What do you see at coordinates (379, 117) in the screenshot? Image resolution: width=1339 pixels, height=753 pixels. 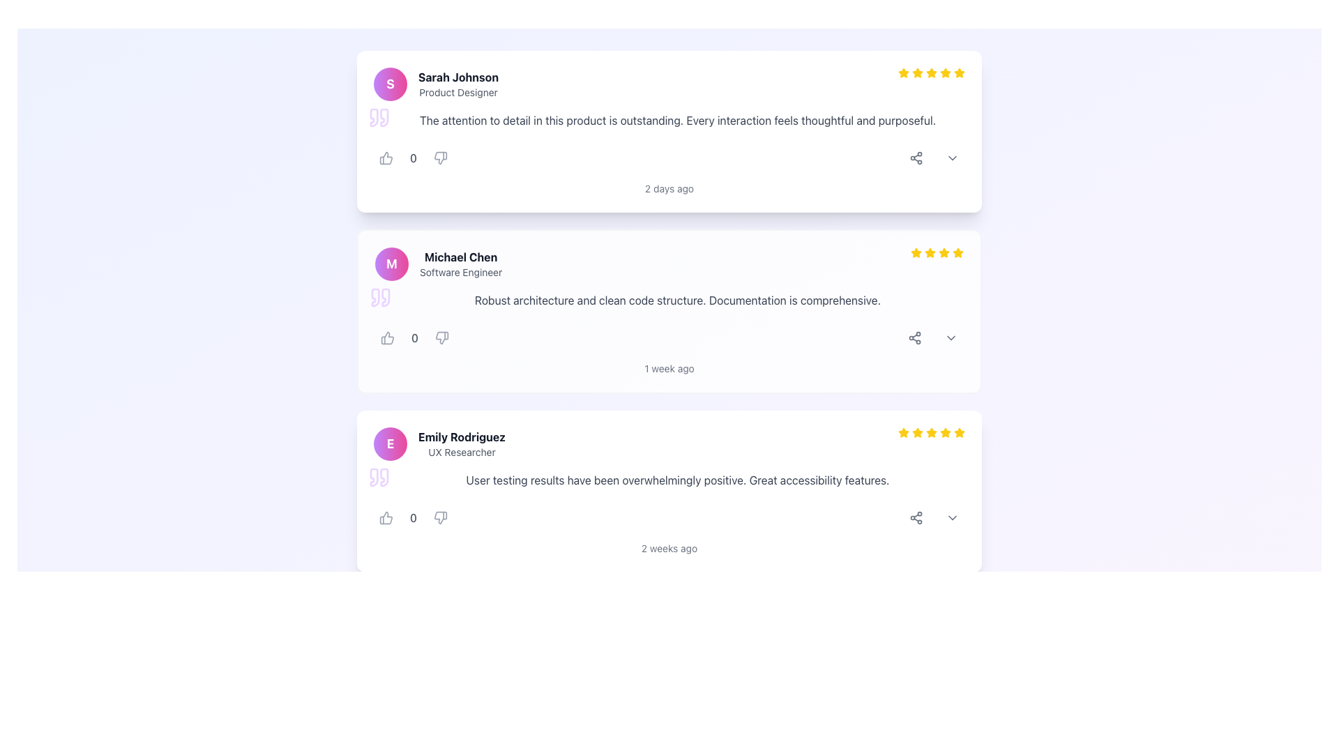 I see `the decorative purple quotation mark icon located at the top-left corner of the first testimonial card` at bounding box center [379, 117].